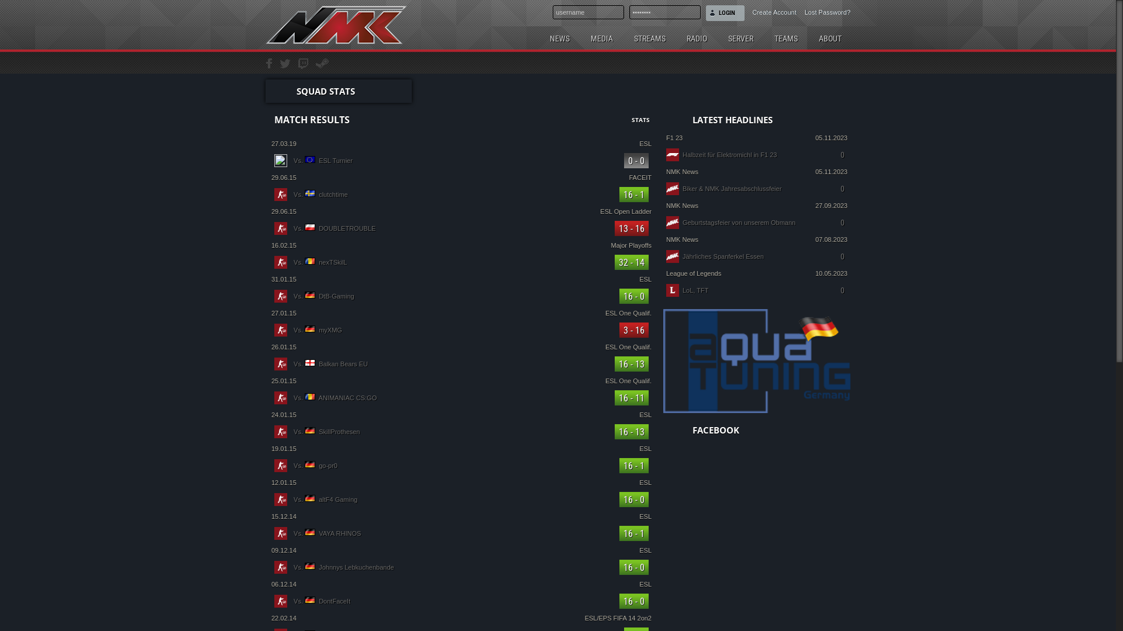 The height and width of the screenshot is (631, 1123). I want to click on 'LoL, TFT', so click(682, 290).